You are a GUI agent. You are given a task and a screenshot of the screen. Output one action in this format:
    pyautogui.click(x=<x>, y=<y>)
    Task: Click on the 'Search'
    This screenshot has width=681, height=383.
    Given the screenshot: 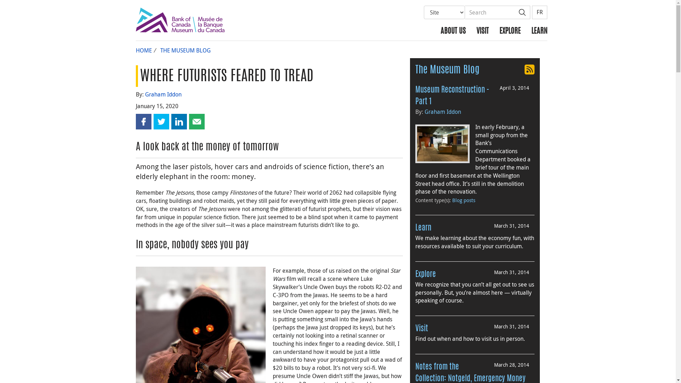 What is the action you would take?
    pyautogui.click(x=522, y=12)
    